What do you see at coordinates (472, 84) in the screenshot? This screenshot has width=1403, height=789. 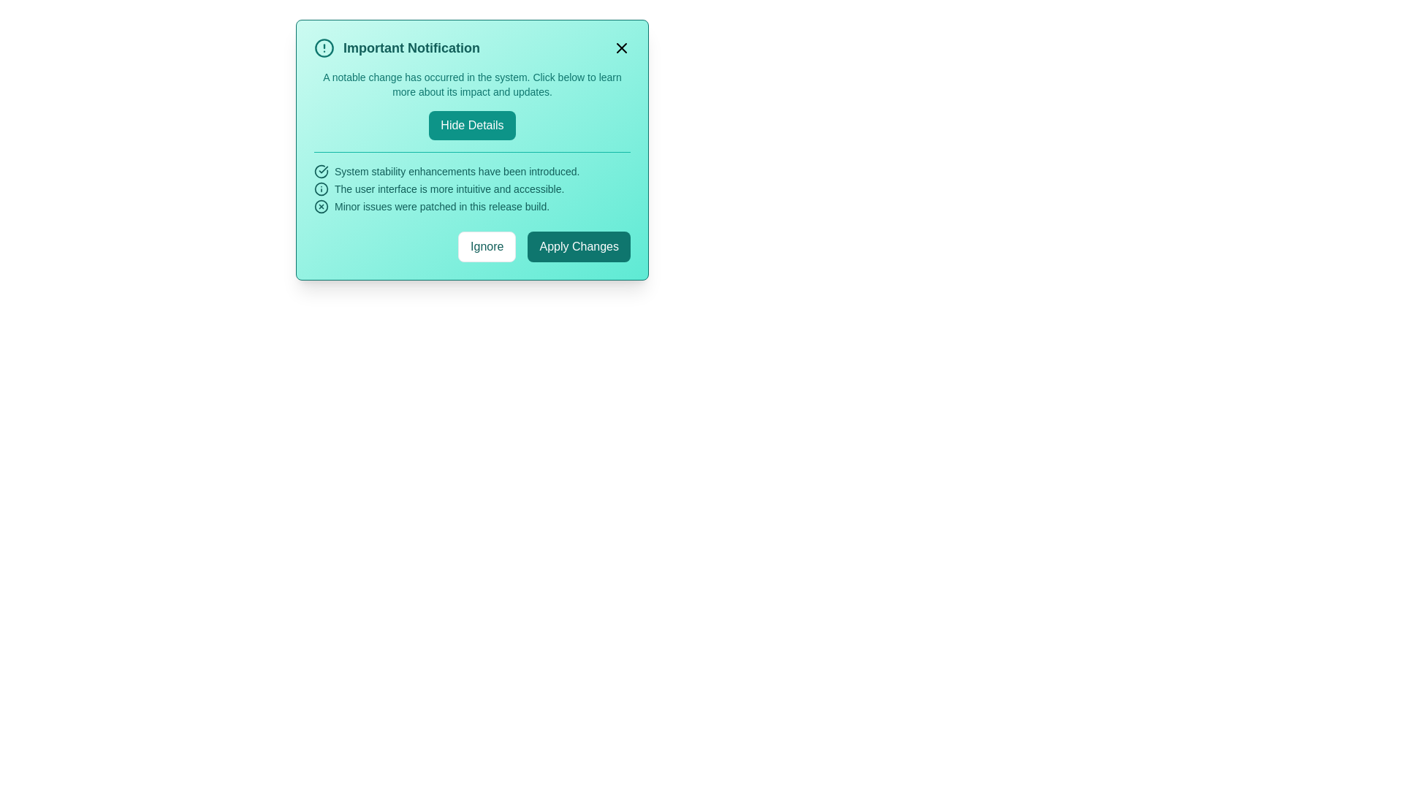 I see `the text located beneath the title 'Important Notification' and above the 'Hide Details' button` at bounding box center [472, 84].